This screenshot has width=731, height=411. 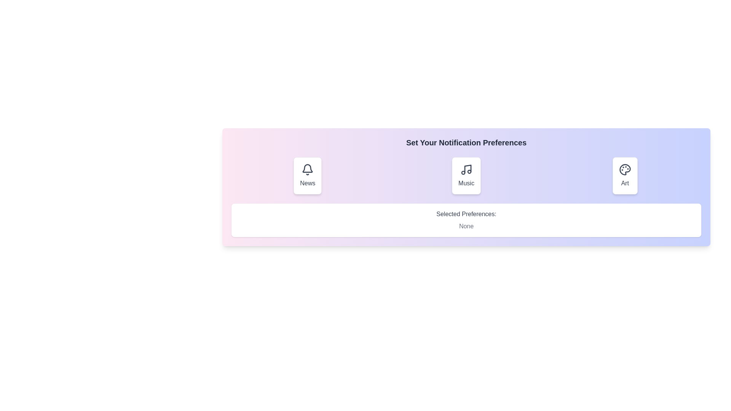 What do you see at coordinates (466, 169) in the screenshot?
I see `the musical note icon located in the 'Music' card section, which is centered among three preference cards and directly above the text 'Music'` at bounding box center [466, 169].